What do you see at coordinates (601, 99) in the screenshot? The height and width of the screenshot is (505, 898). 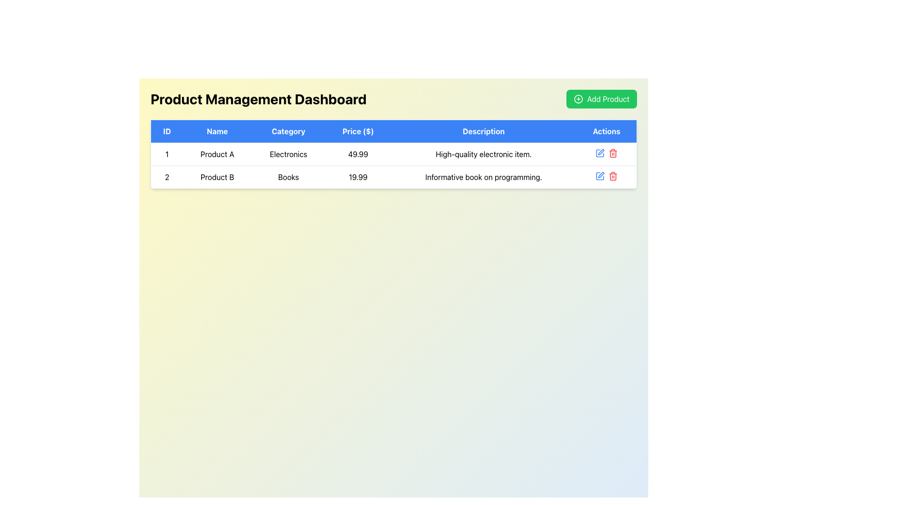 I see `the 'Add Product' button located at the far right end of the header area labeled 'Product Management Dashboard'` at bounding box center [601, 99].